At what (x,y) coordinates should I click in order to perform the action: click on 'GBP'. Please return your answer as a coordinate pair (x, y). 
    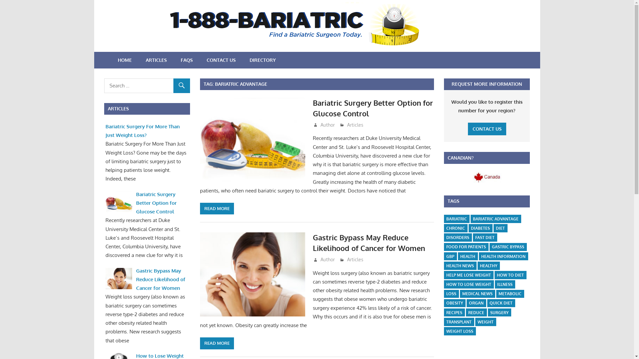
    Looking at the image, I should click on (444, 256).